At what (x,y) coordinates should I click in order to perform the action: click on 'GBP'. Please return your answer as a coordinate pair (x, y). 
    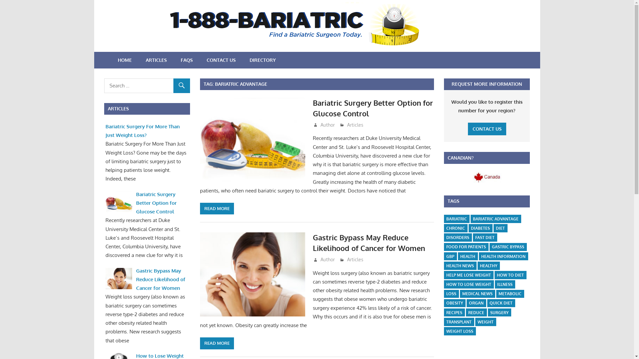
    Looking at the image, I should click on (444, 256).